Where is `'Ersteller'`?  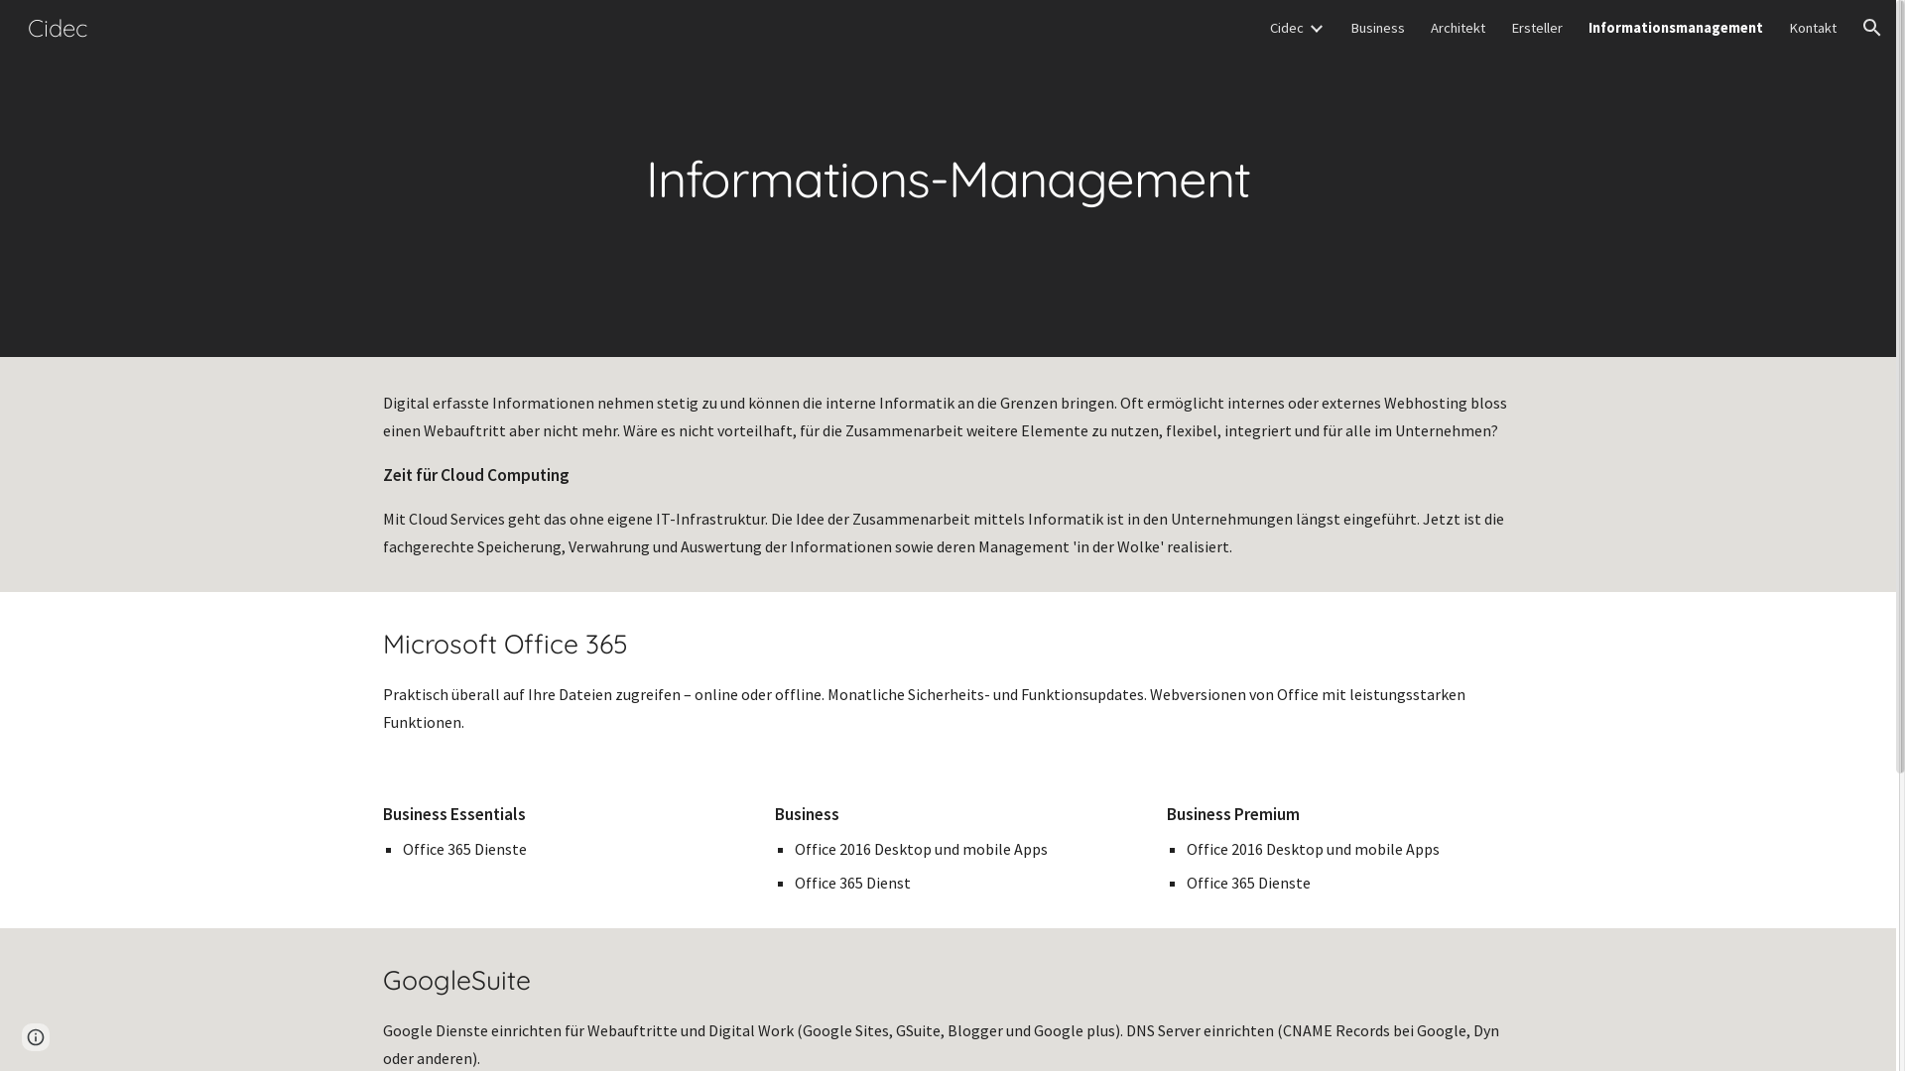
'Ersteller' is located at coordinates (1536, 27).